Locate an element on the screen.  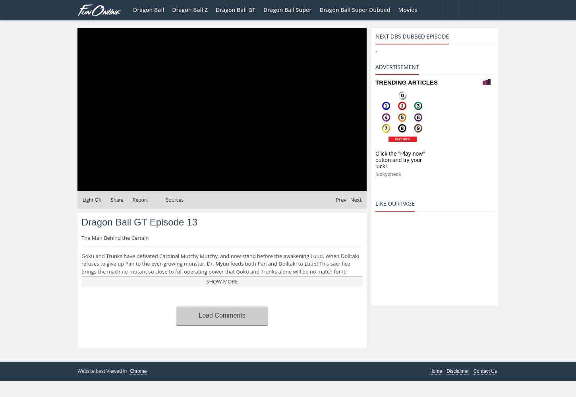
'Dragon Ball GT Episode 14' is located at coordinates (299, 182).